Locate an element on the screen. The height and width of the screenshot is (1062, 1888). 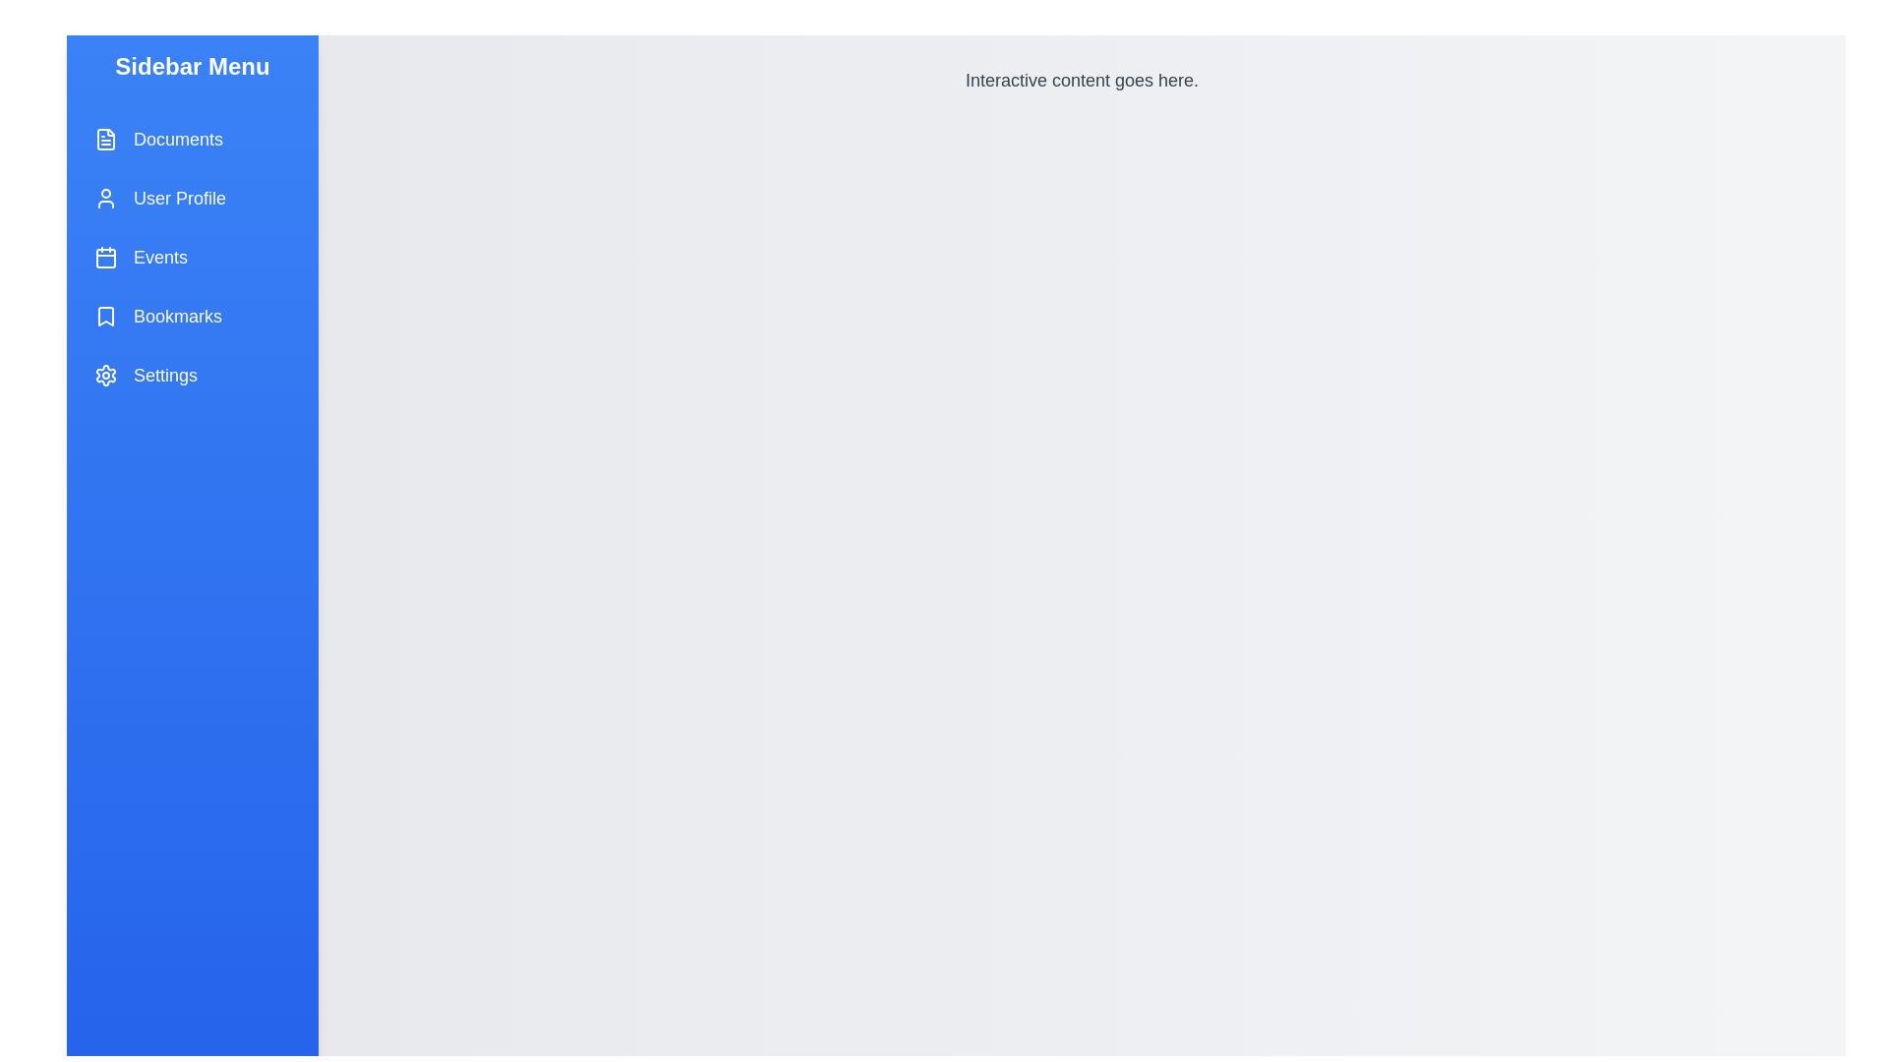
the menu item labeled Settings is located at coordinates (193, 375).